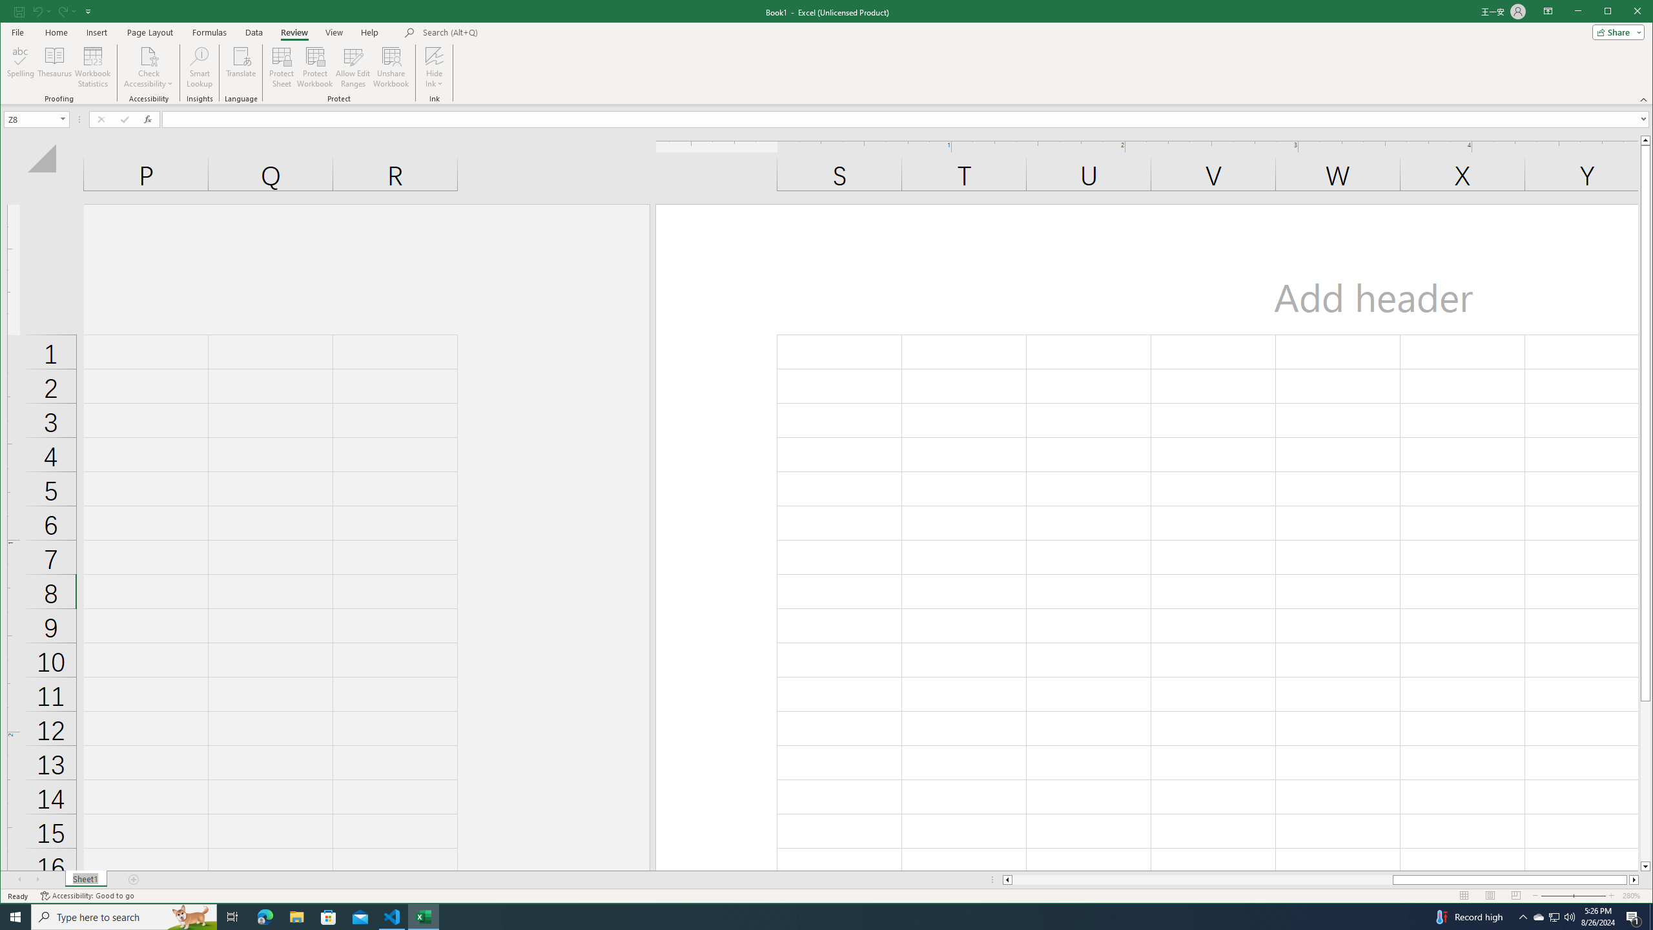 This screenshot has width=1653, height=930. I want to click on 'Unshare Workbook', so click(390, 67).